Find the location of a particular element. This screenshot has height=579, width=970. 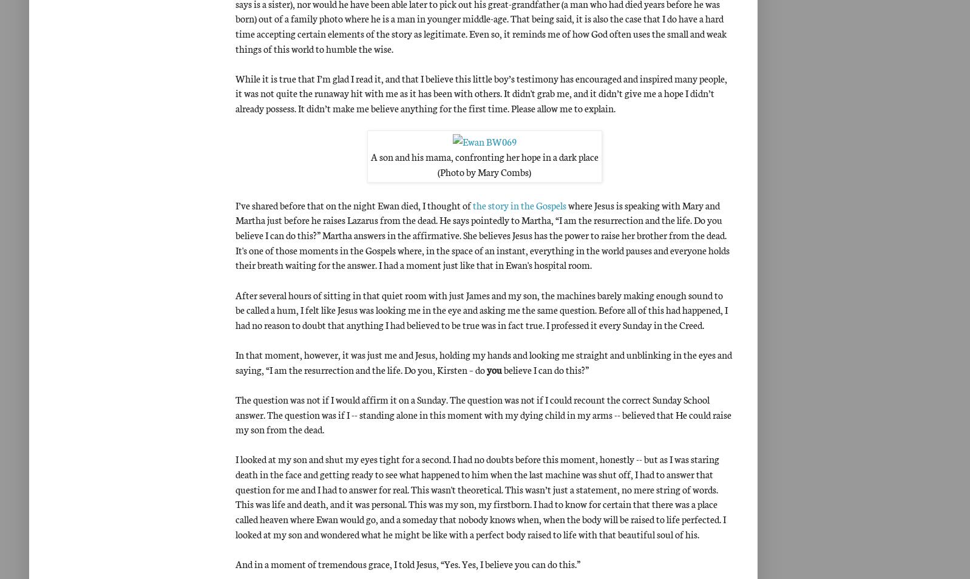

'where Jesus is speaking with Mary and Martha just before he raises Lazarus from the dead. He says pointedly to Martha, “I am the resurrection and the life. Do you believe I can do this?” Martha answers in the affirmative. She believes Jesus has the power to raise her brother from the dead. It's one of those moments in the Gospels where, in the space of an instant, everything in the world pauses and everyone holds their breath waiting for the answer. I had a moment just like that in Ewan's hospital room.' is located at coordinates (483, 234).